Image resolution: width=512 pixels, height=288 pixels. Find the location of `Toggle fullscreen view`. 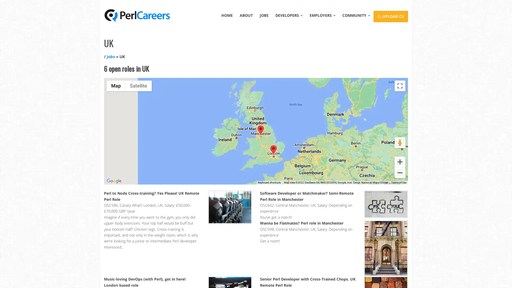

Toggle fullscreen view is located at coordinates (400, 85).